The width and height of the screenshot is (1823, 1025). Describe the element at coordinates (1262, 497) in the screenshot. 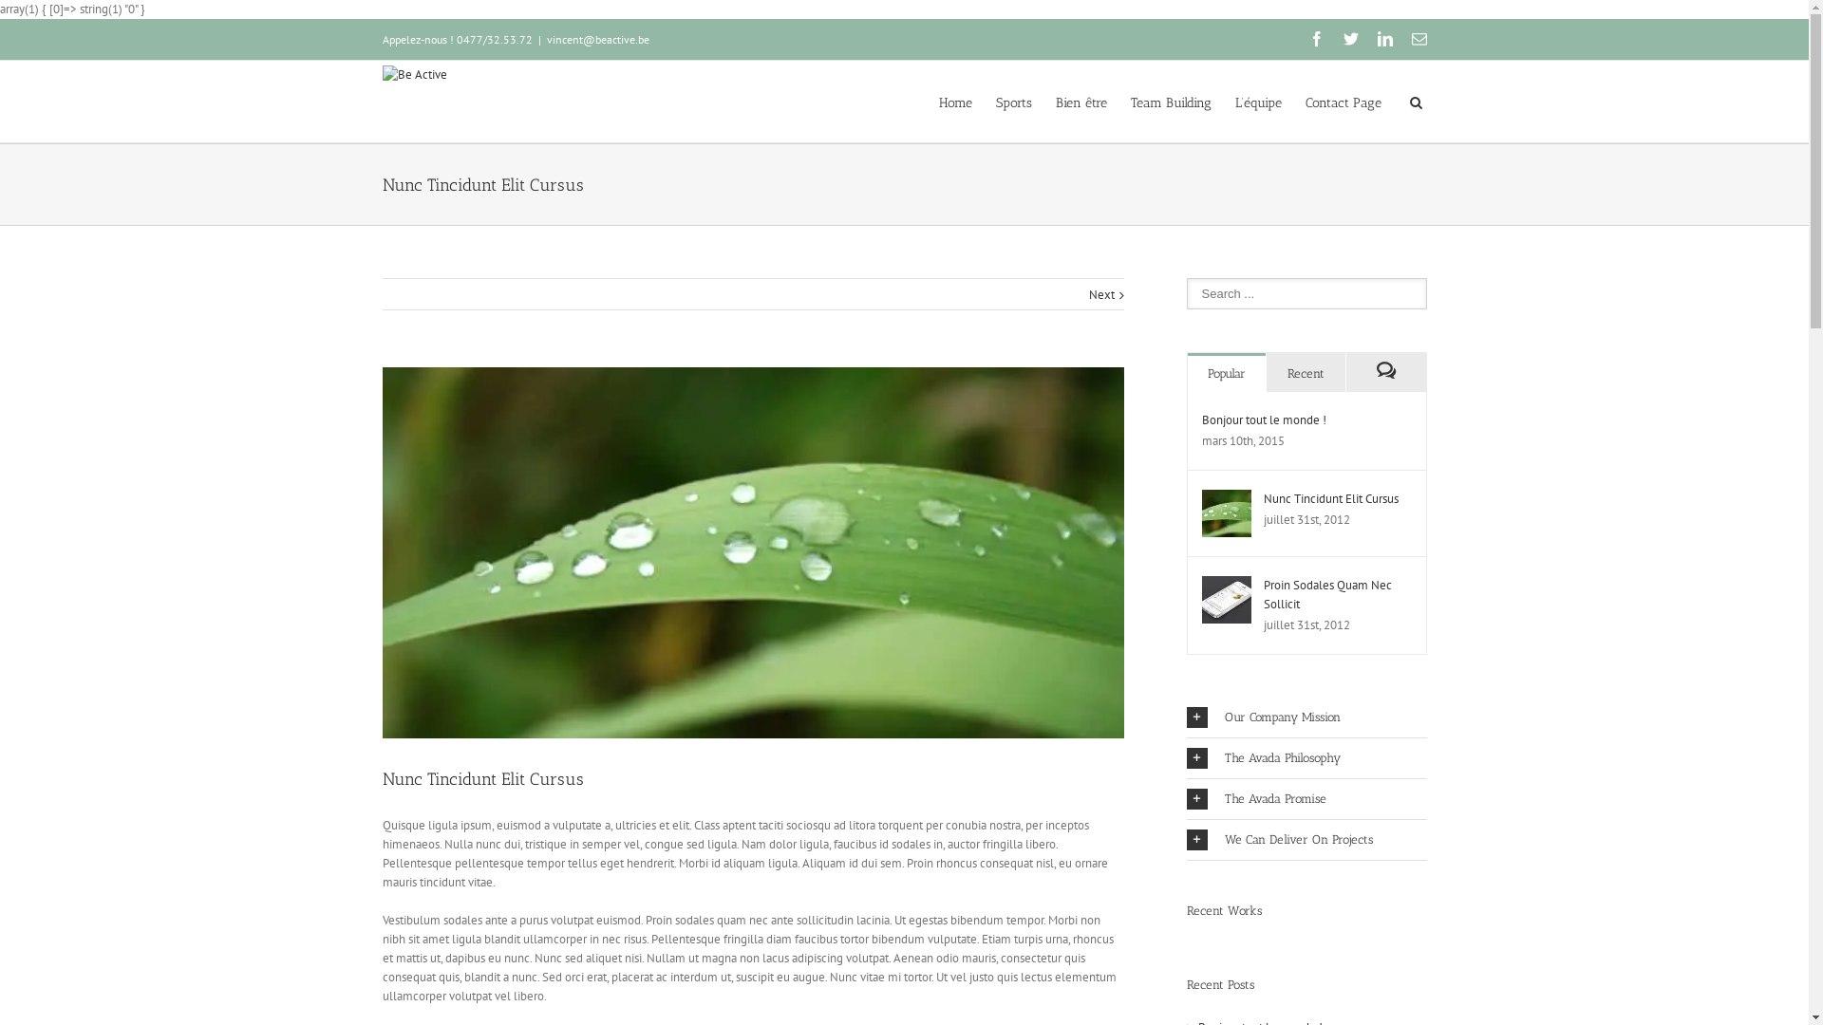

I see `'Nunc Tincidunt Elit Cursus'` at that location.